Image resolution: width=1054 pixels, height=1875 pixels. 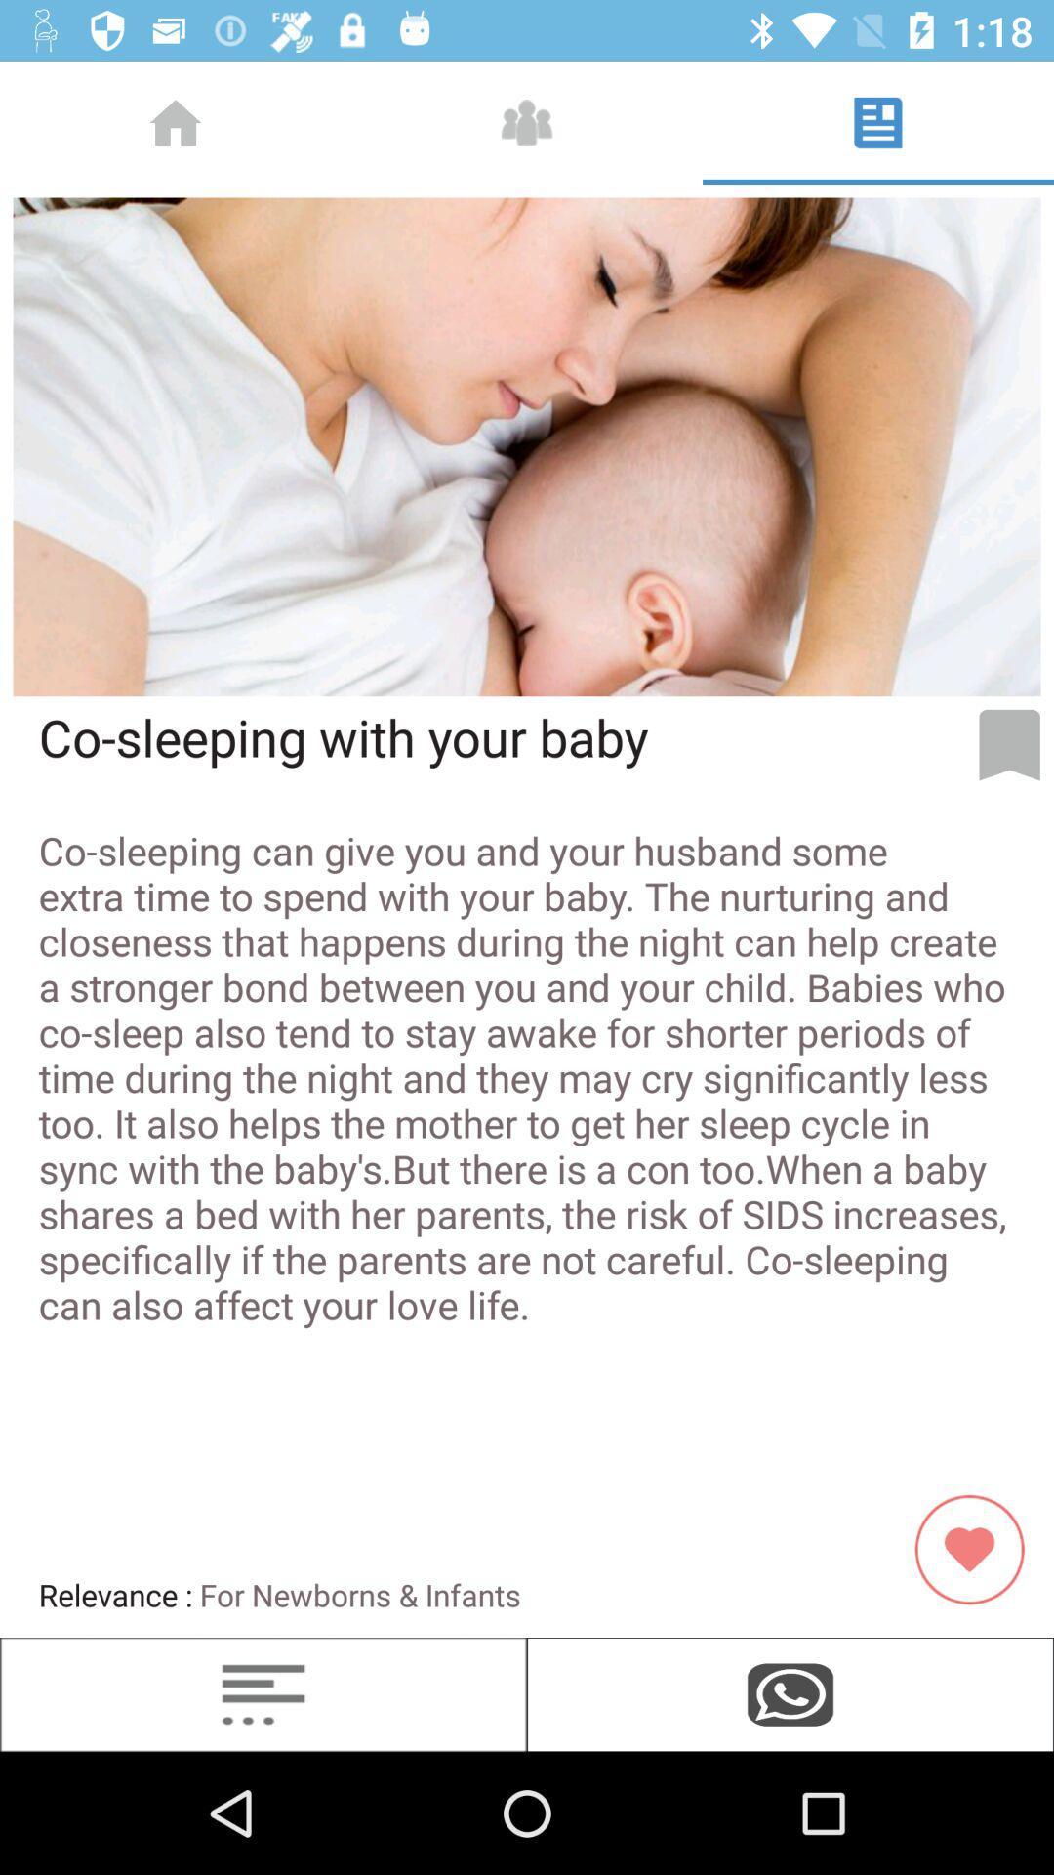 What do you see at coordinates (176, 121) in the screenshot?
I see `the home button icon` at bounding box center [176, 121].